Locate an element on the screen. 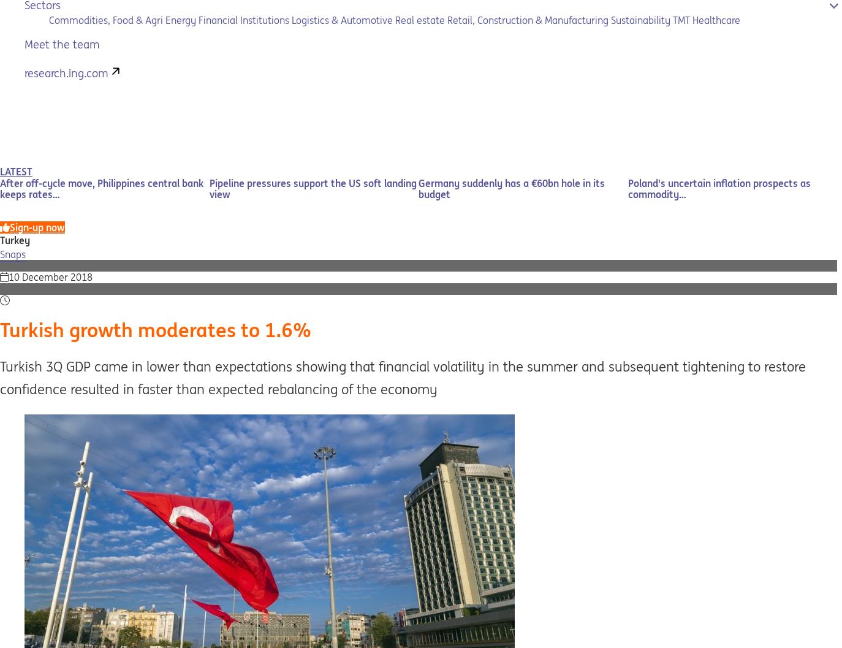 This screenshot has height=648, width=842. 'Sustainability' is located at coordinates (640, 20).